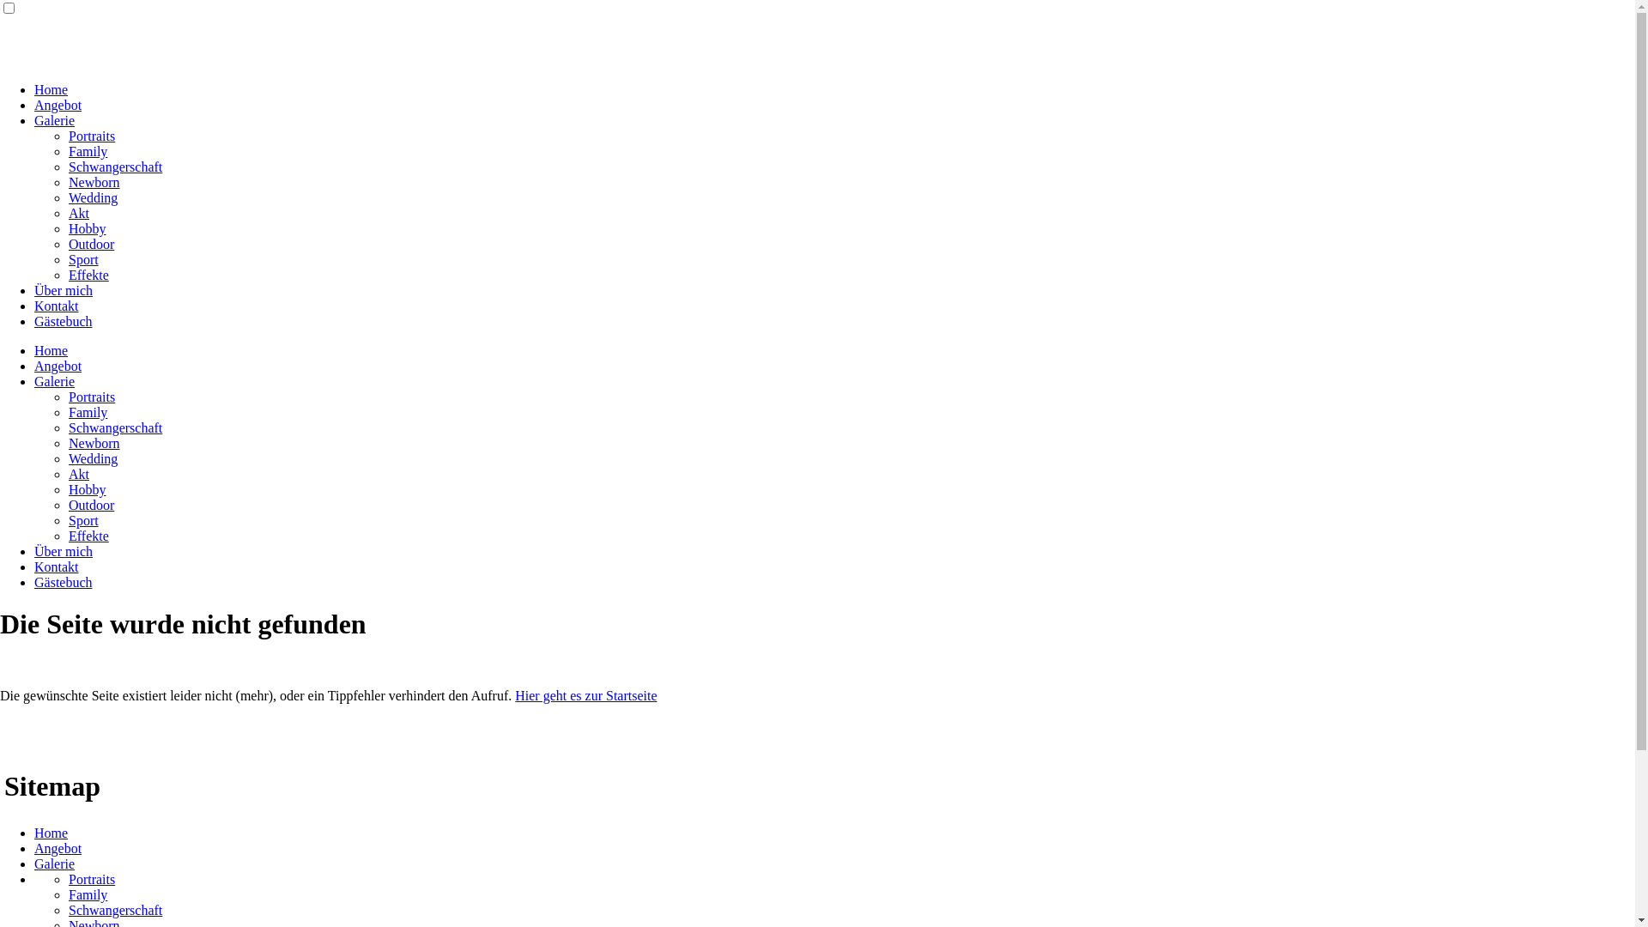 The width and height of the screenshot is (1648, 927). Describe the element at coordinates (33, 566) in the screenshot. I see `'Kontakt'` at that location.